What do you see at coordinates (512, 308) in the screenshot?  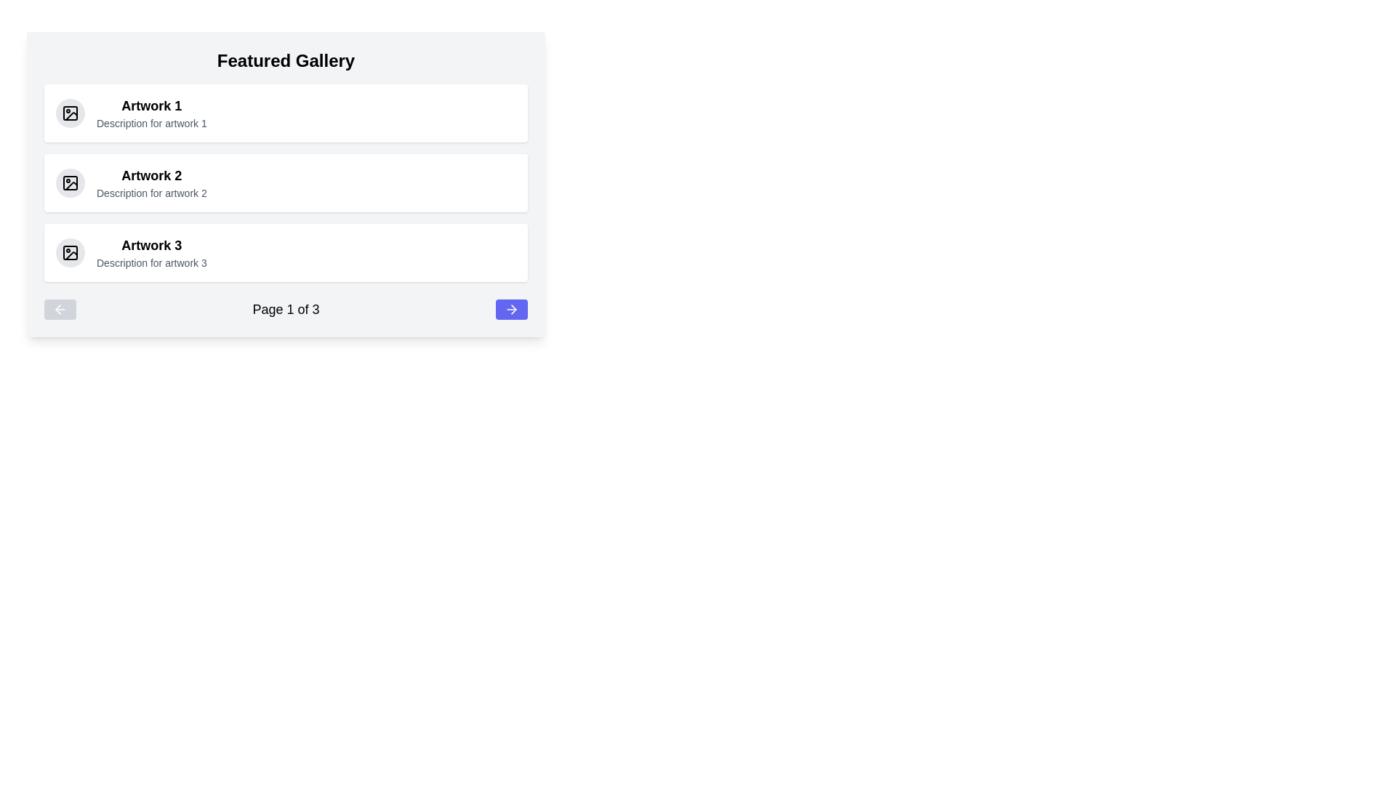 I see `the rightmost navigation button in the 'Featured Gallery' card` at bounding box center [512, 308].